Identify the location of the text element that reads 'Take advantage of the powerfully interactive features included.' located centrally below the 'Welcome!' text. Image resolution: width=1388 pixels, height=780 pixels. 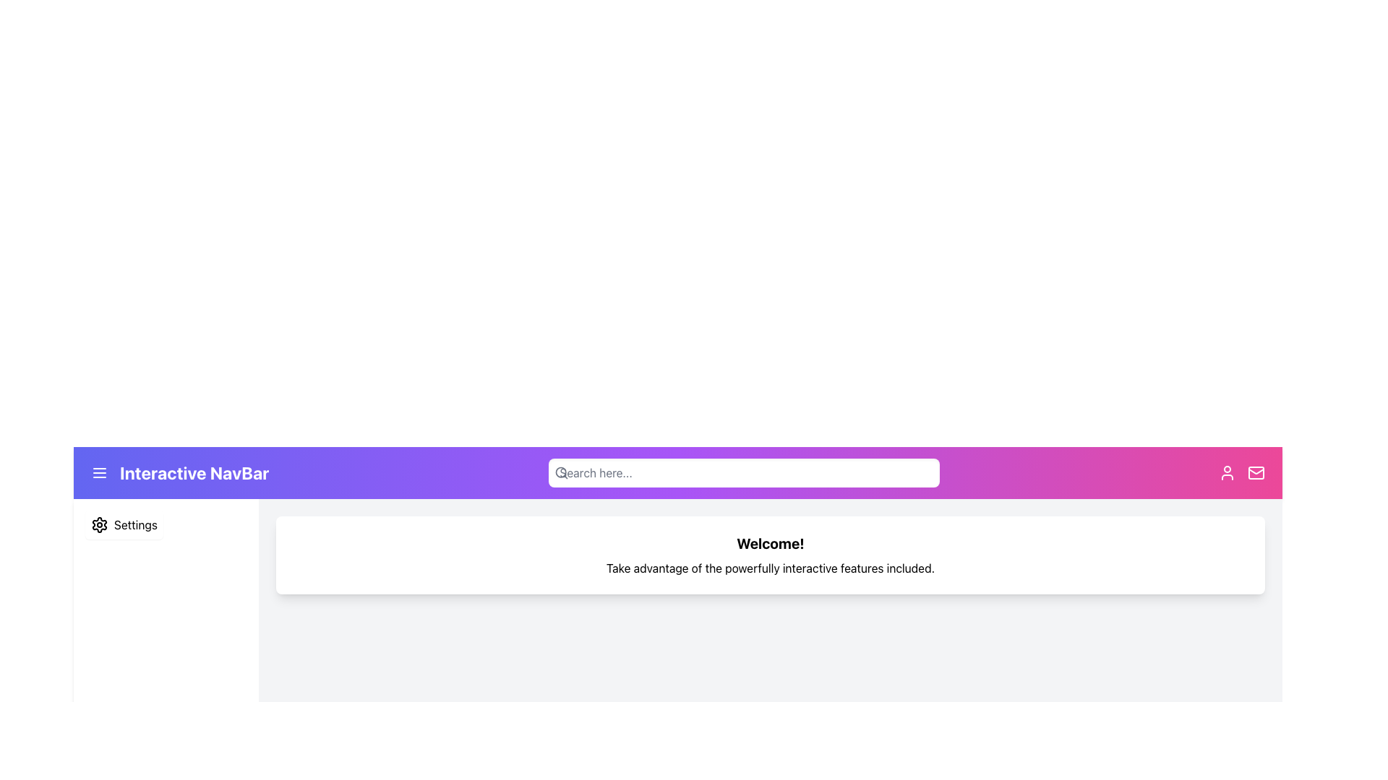
(769, 567).